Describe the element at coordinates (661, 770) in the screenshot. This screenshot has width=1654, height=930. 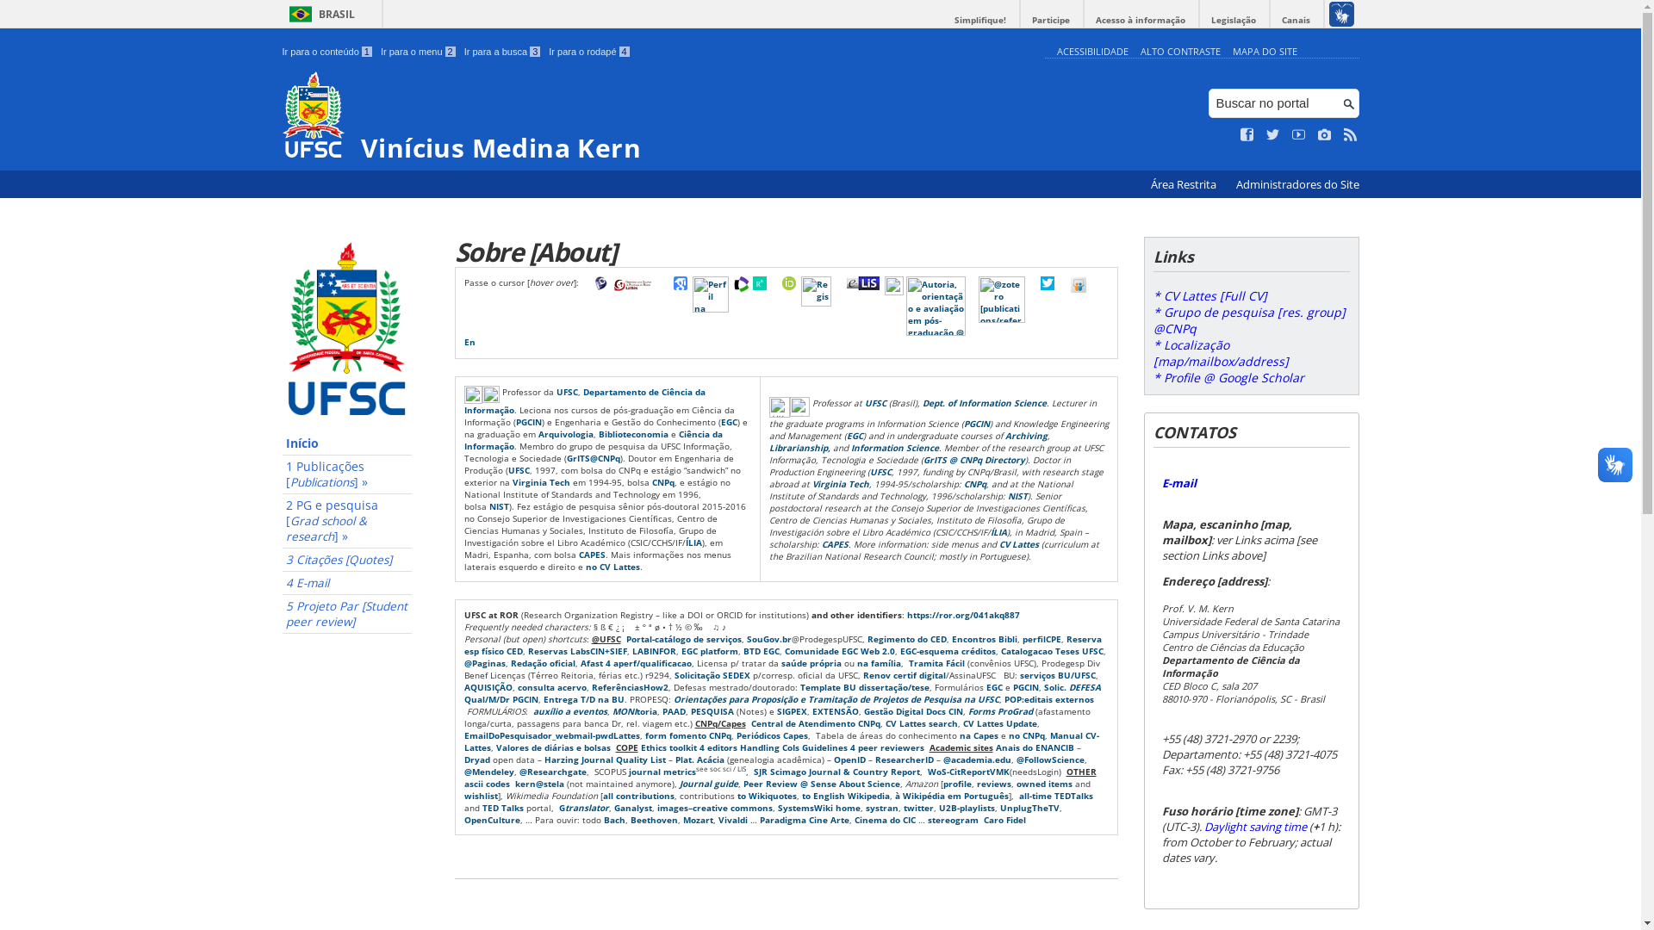
I see `'journal metrics'` at that location.